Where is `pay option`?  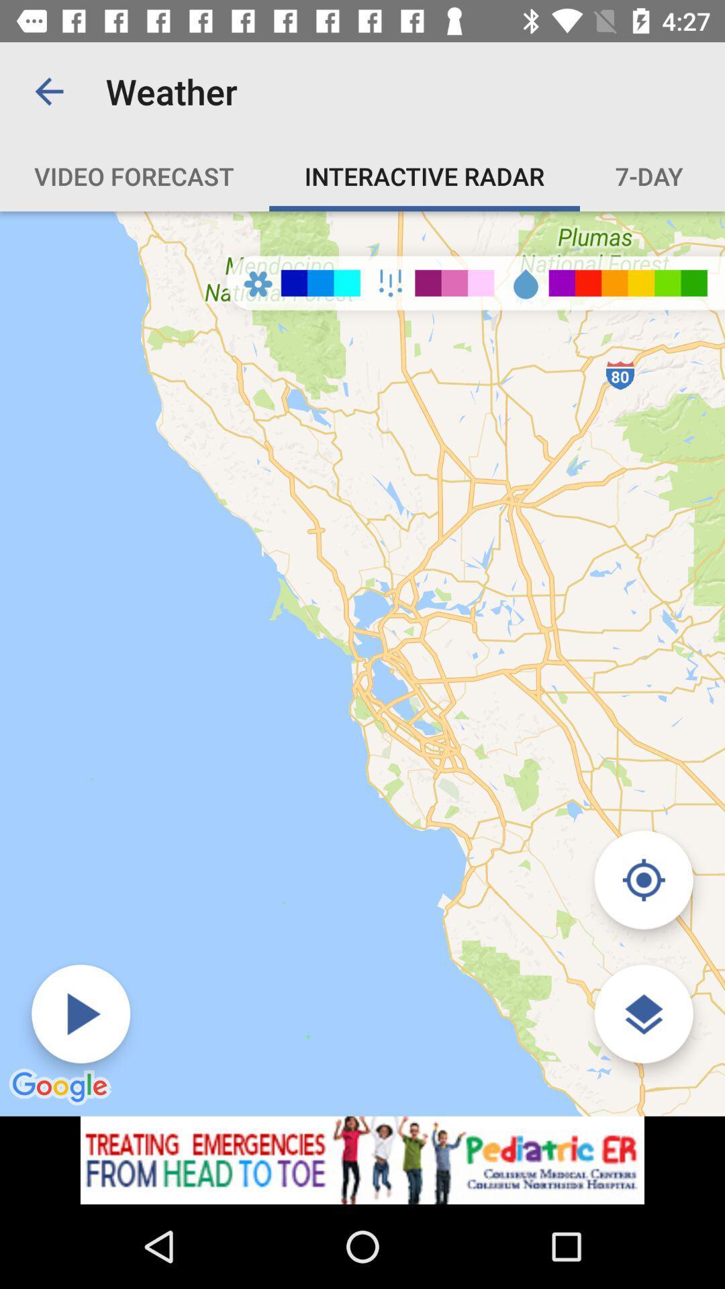
pay option is located at coordinates (81, 1014).